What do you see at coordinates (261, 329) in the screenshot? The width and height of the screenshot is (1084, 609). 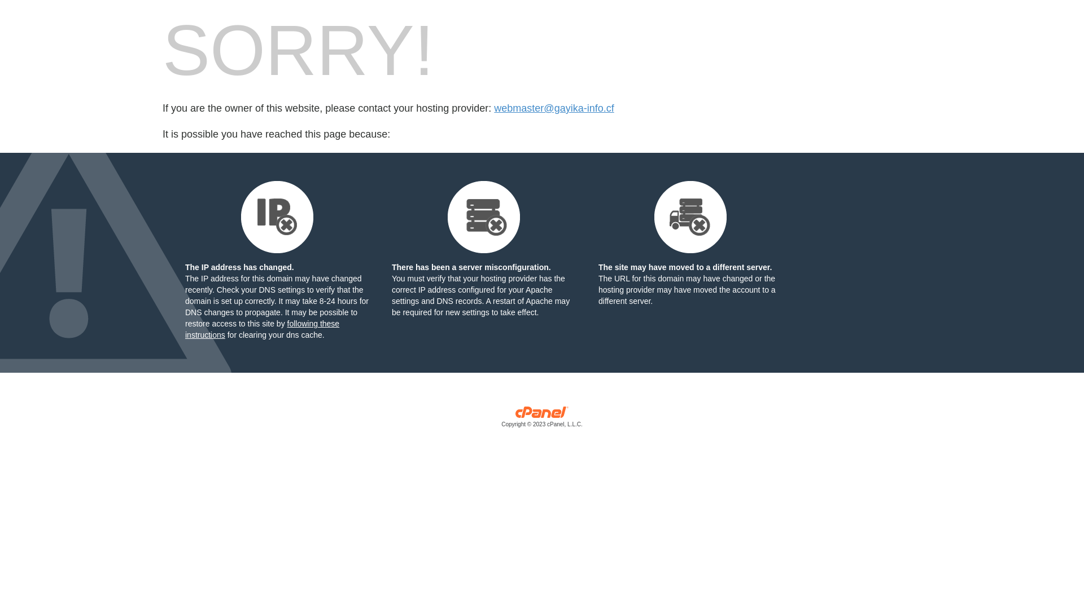 I see `'following these instructions'` at bounding box center [261, 329].